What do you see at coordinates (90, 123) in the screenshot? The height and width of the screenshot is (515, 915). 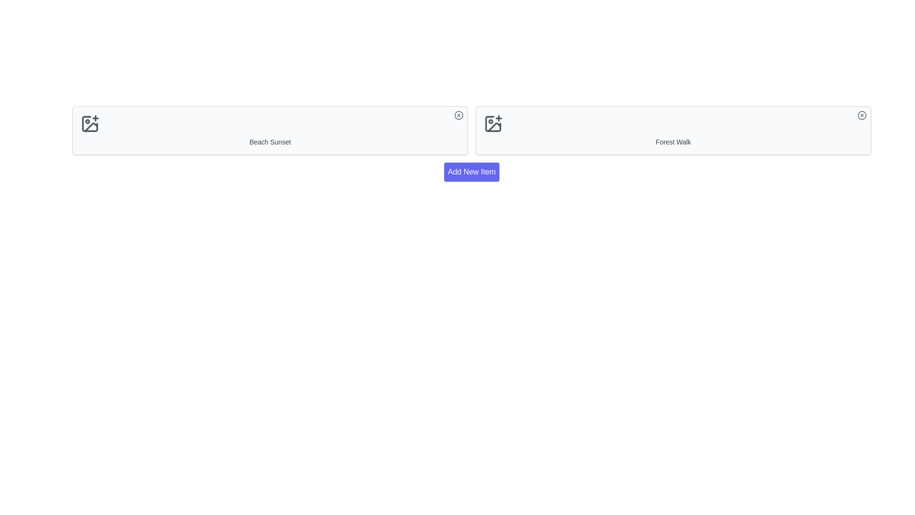 I see `the minimalist landscape icon with a plus sign located at the top-left corner of the 'Beach Sunset' card` at bounding box center [90, 123].